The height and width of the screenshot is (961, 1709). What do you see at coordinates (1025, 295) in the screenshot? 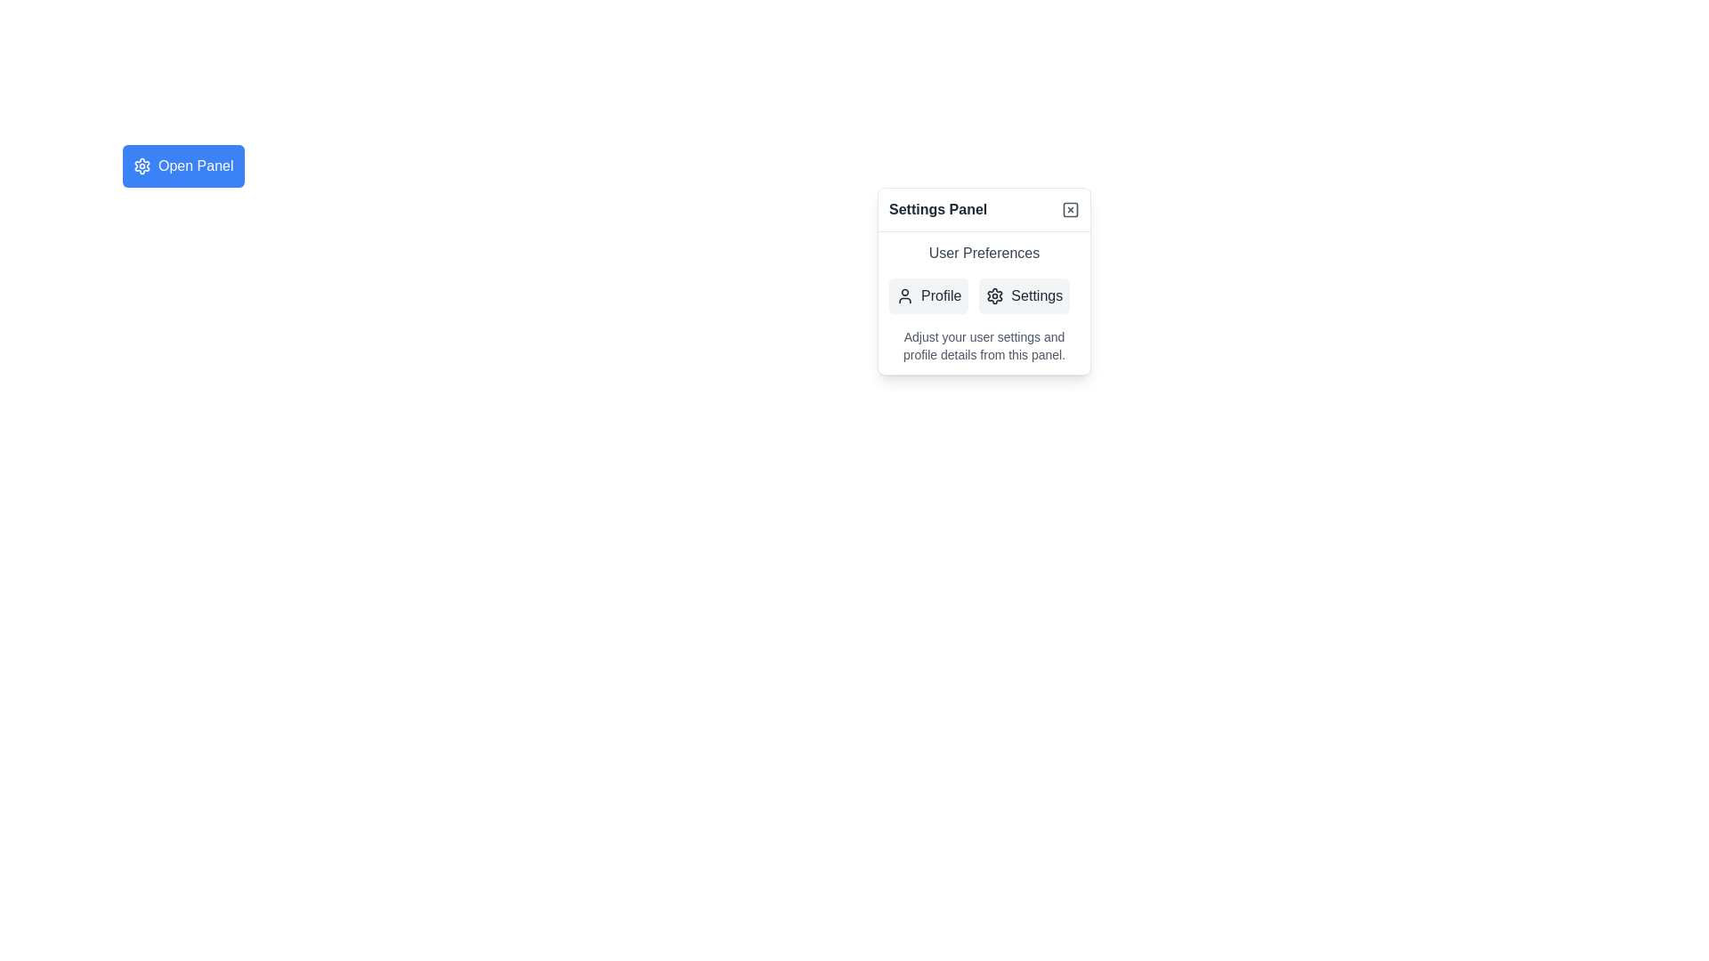
I see `the 'Settings' button located in the 'User Preferences' section of the 'Settings Panel'` at bounding box center [1025, 295].